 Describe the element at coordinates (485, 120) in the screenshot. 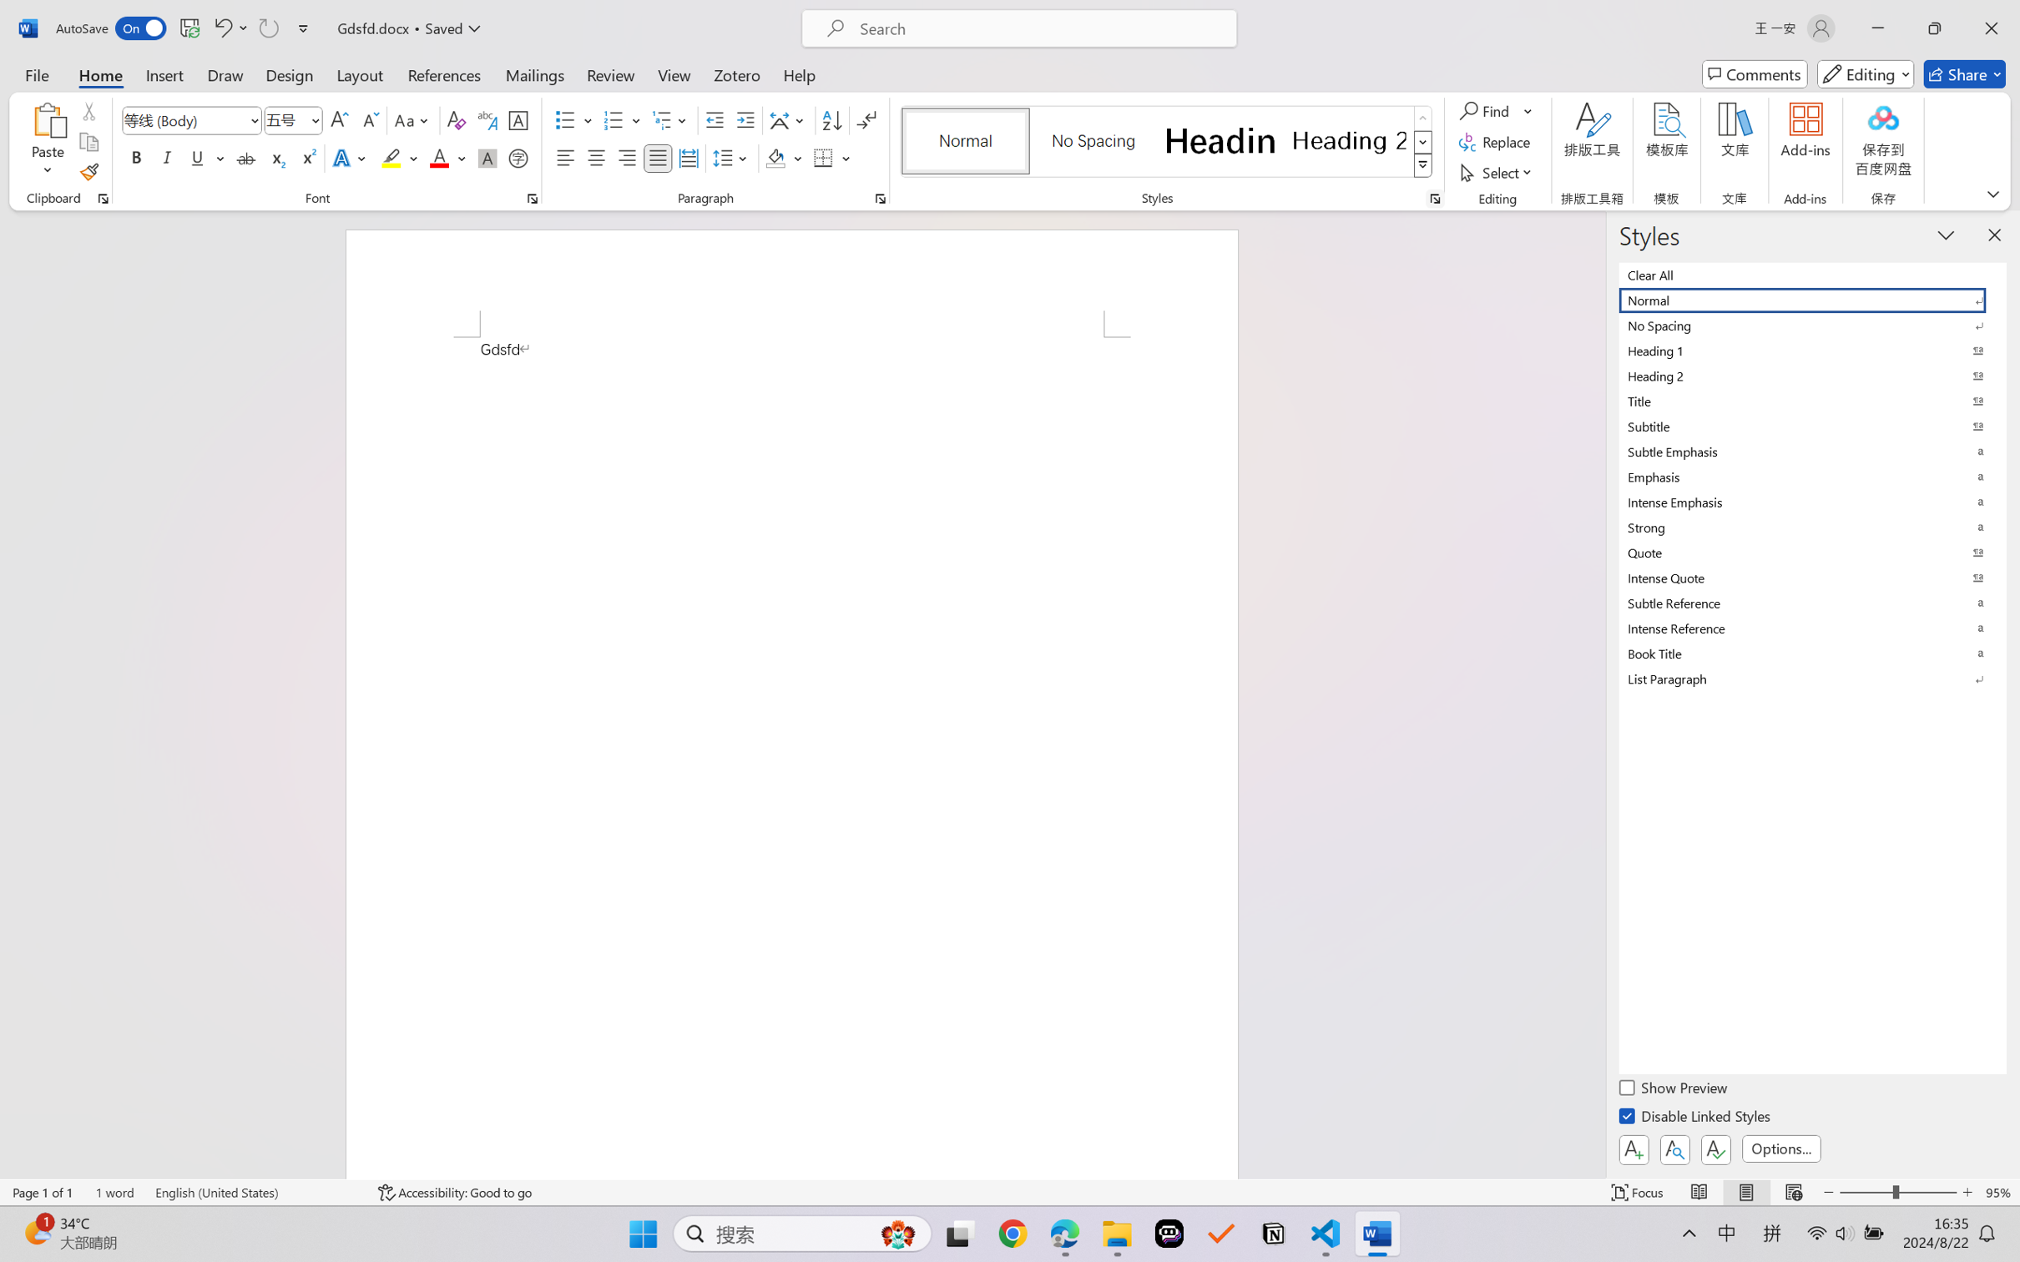

I see `'Phonetic Guide...'` at that location.